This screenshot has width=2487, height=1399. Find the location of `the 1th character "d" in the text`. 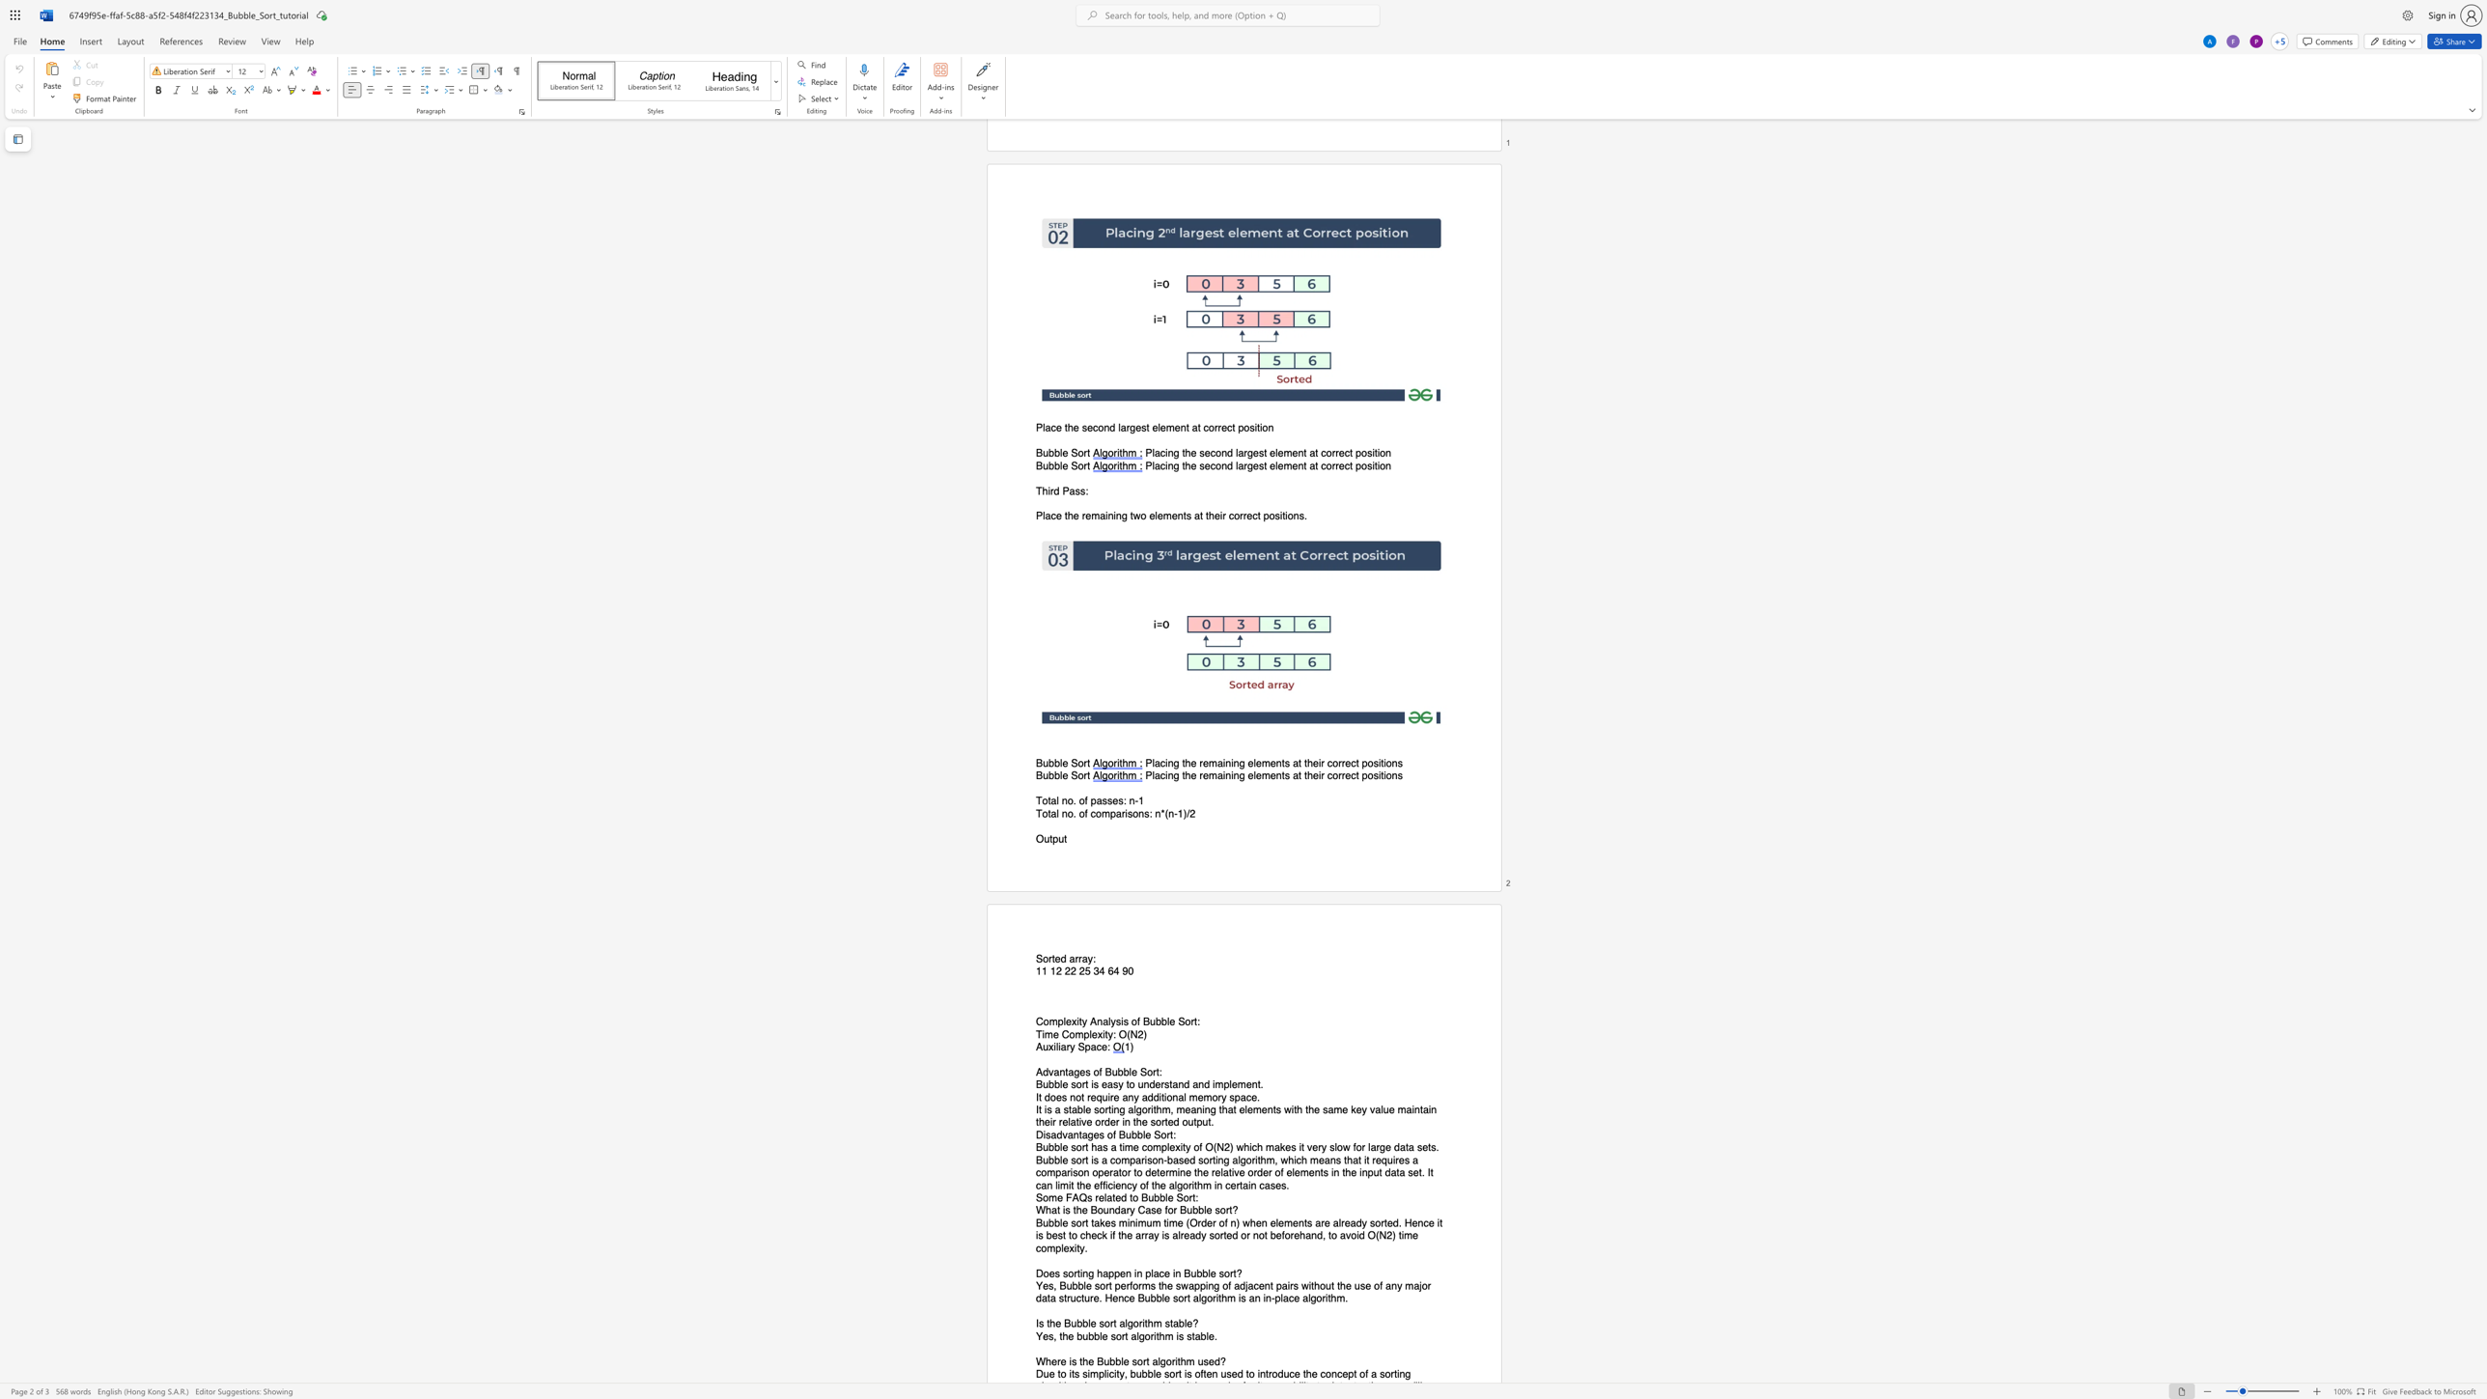

the 1th character "d" in the text is located at coordinates (1241, 1284).